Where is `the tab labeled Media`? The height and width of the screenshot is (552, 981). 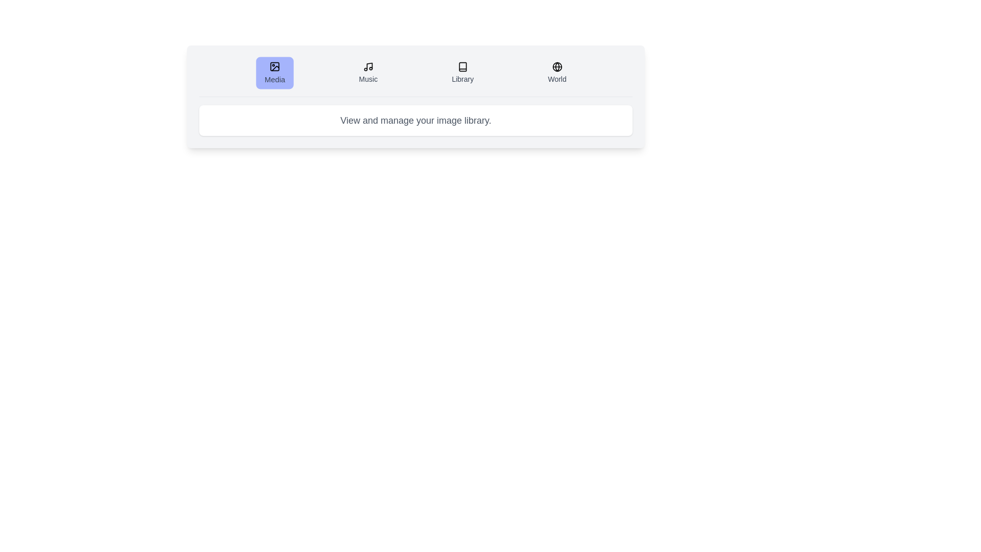
the tab labeled Media is located at coordinates (274, 72).